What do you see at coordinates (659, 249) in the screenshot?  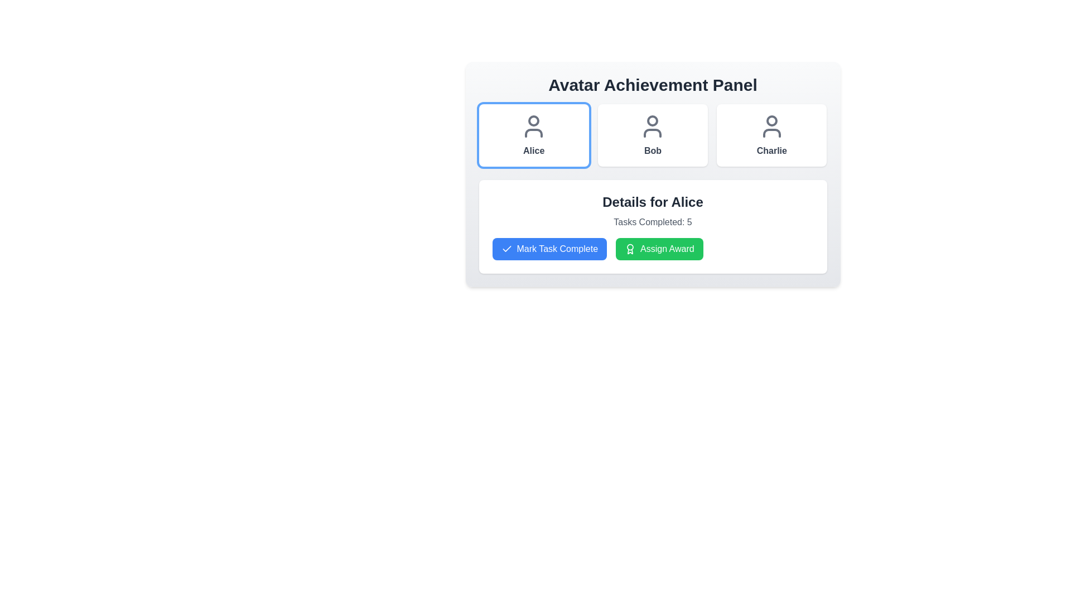 I see `the second interactive button positioned to the right of the 'Mark Task Complete' button` at bounding box center [659, 249].